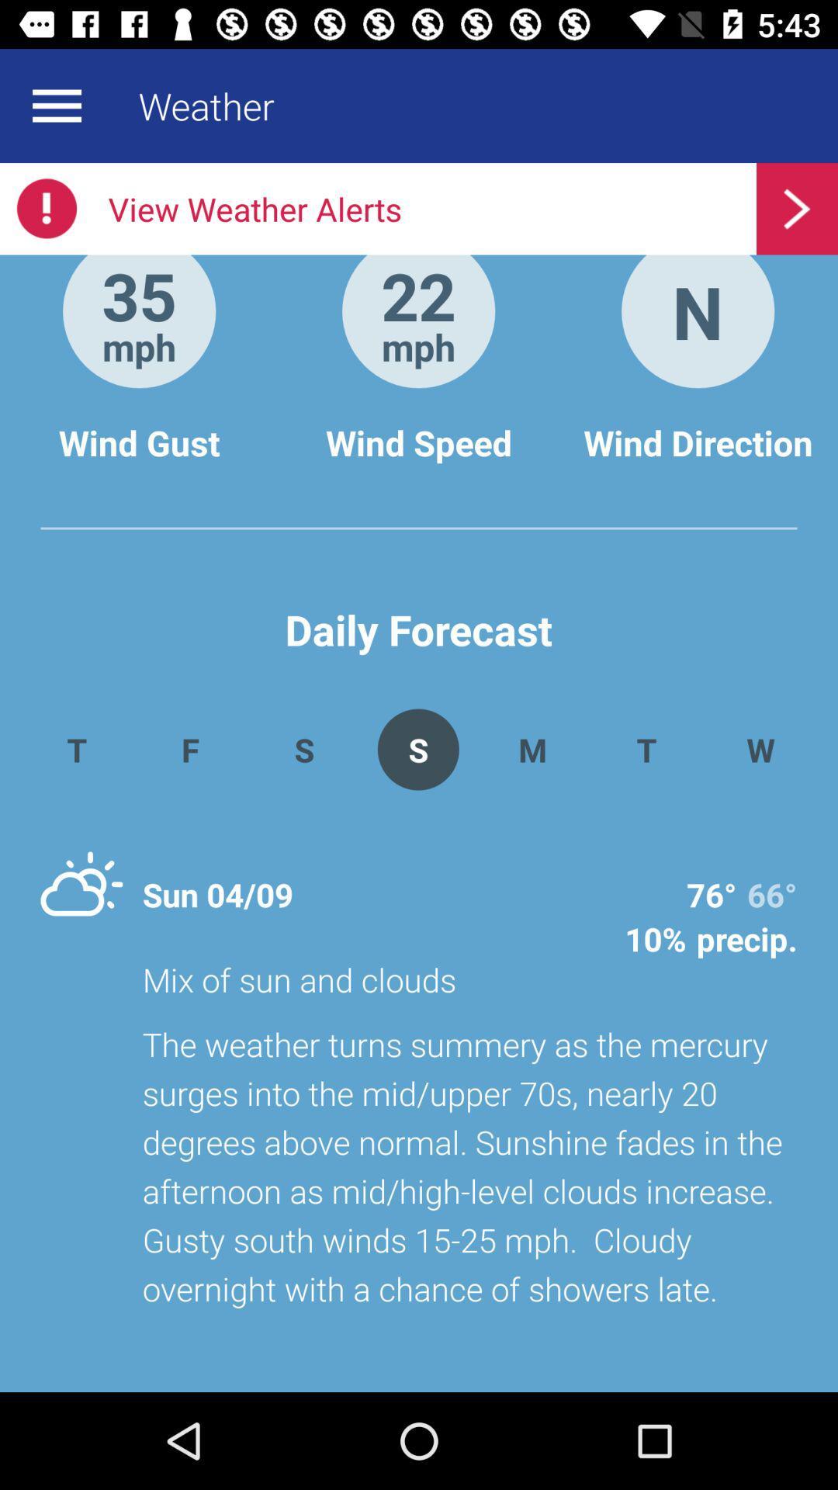 The height and width of the screenshot is (1490, 838). Describe the element at coordinates (56, 105) in the screenshot. I see `expand menu options` at that location.